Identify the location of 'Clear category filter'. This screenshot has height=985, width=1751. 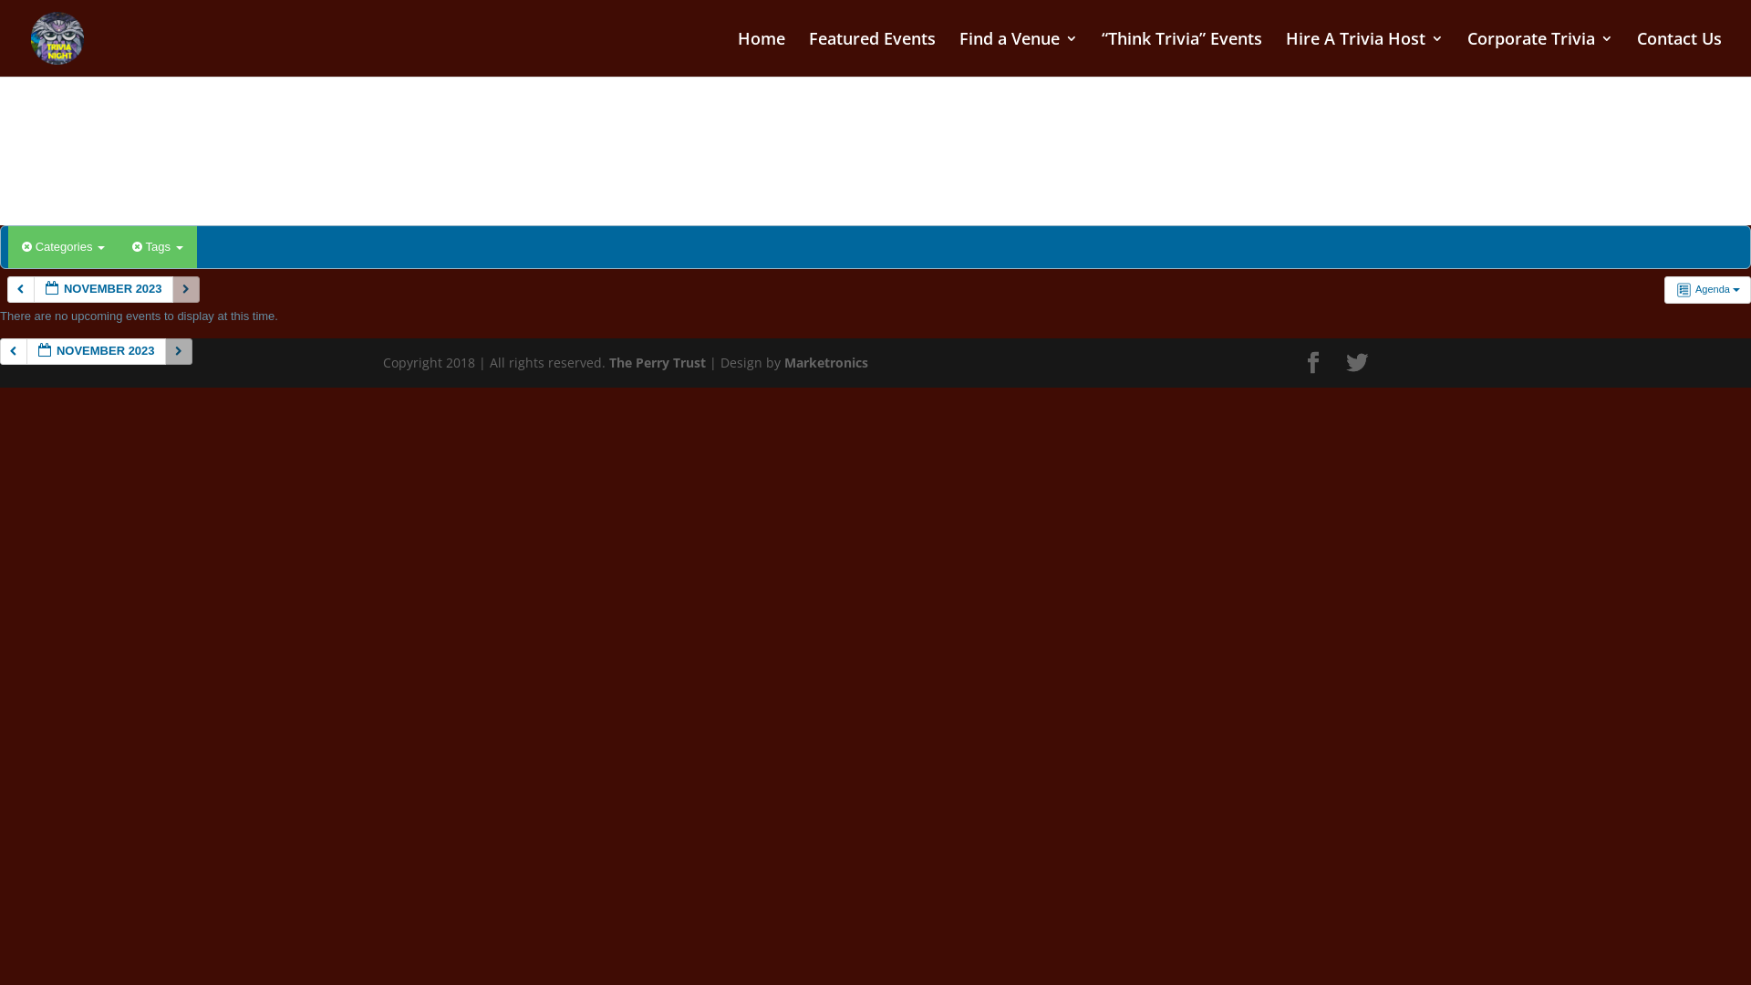
(22, 246).